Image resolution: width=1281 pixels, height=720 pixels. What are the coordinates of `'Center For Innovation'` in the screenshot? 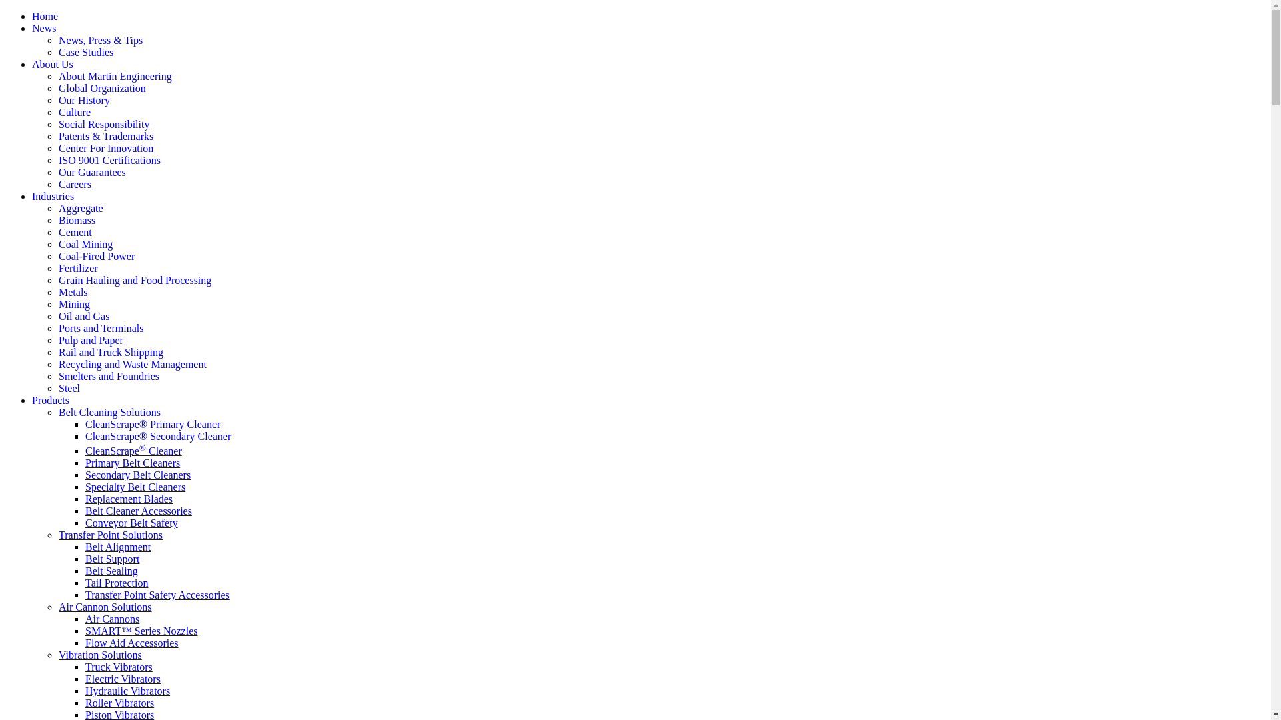 It's located at (57, 148).